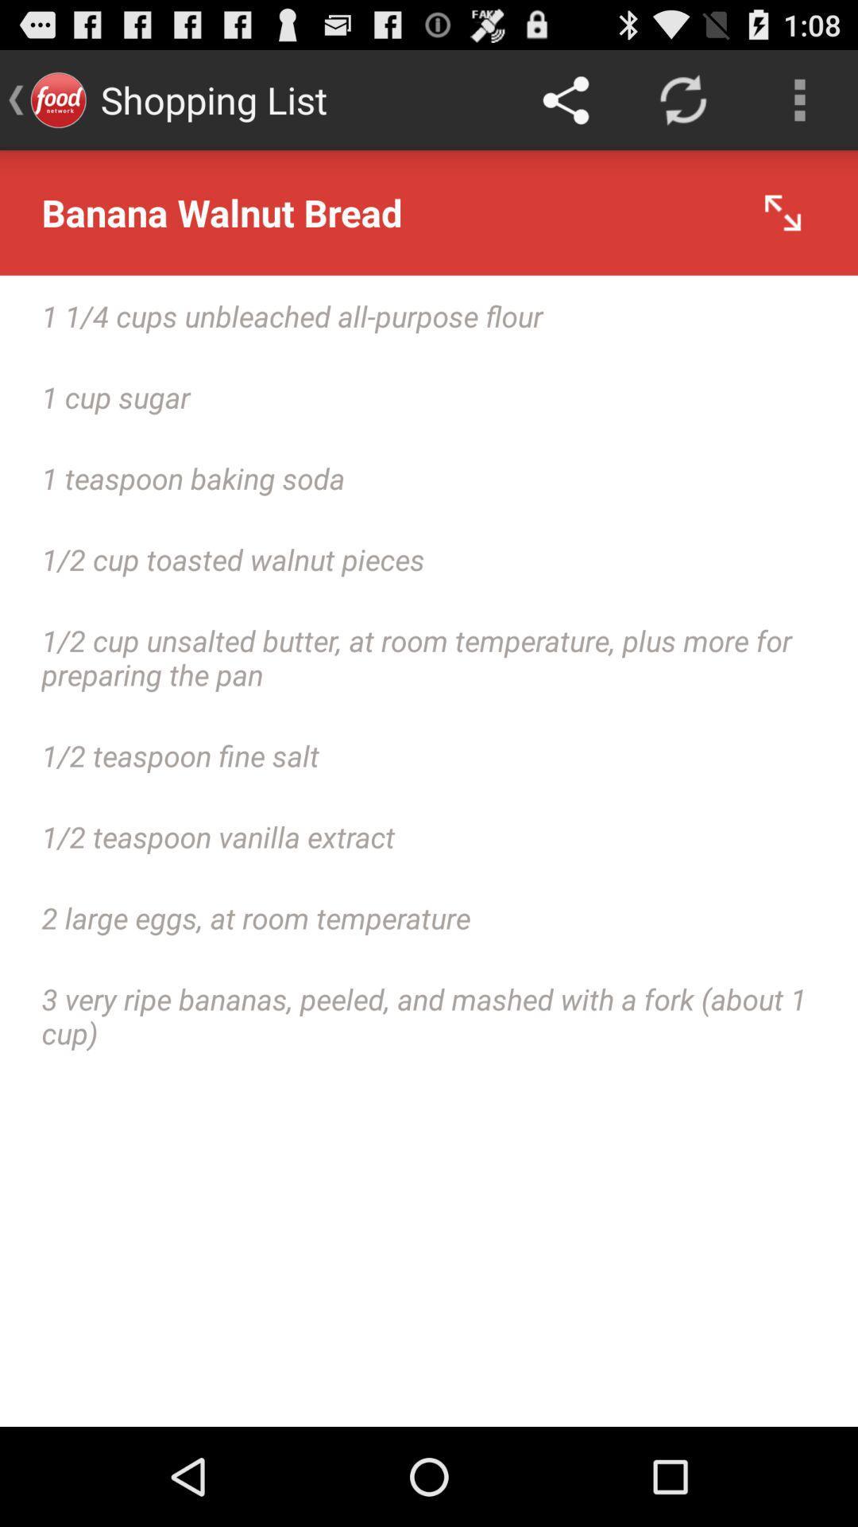 This screenshot has width=858, height=1527. I want to click on app above the banana walnut bread, so click(682, 99).